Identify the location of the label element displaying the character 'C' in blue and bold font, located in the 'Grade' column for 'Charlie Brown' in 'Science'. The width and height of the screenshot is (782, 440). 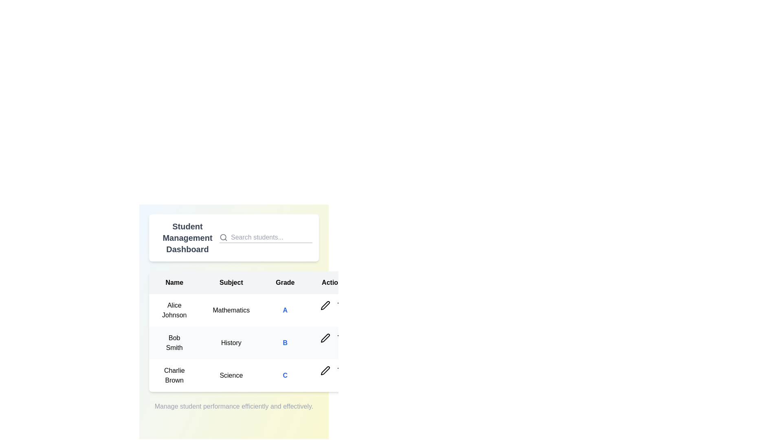
(285, 375).